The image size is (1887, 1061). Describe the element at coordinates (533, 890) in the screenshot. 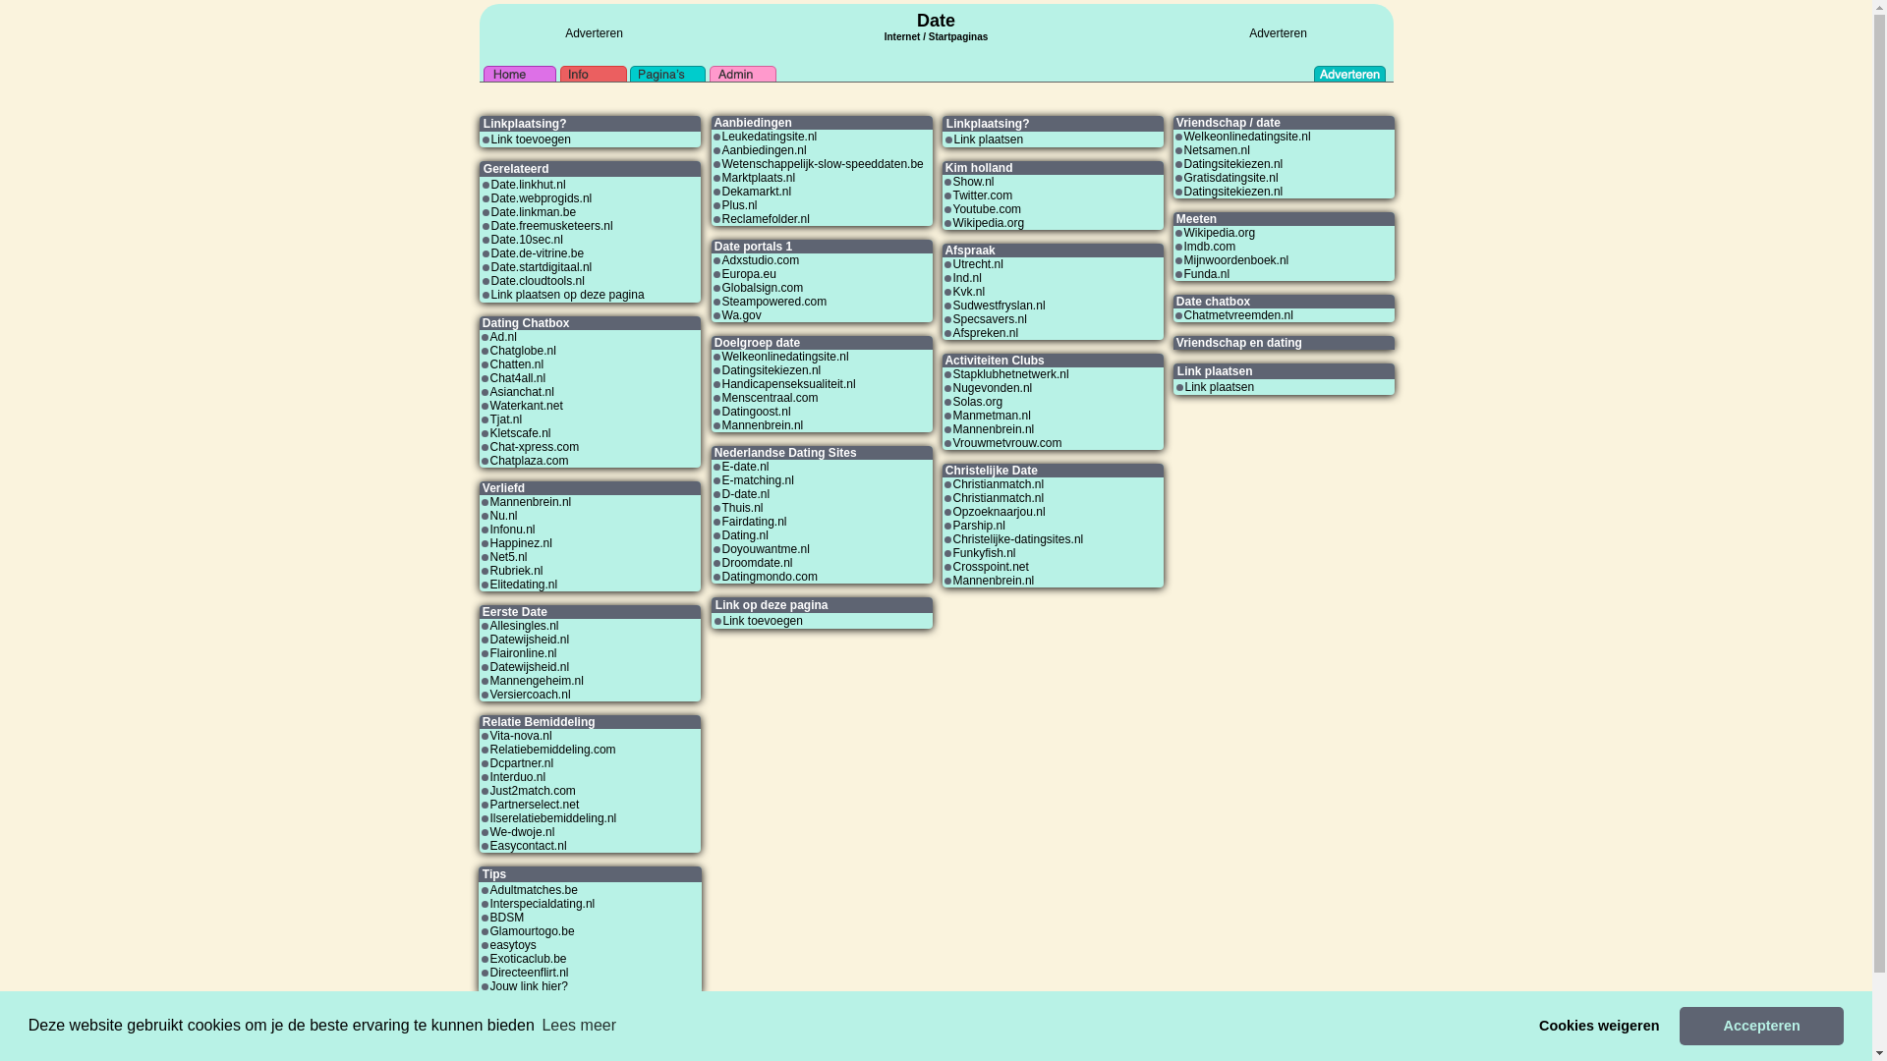

I see `'Adultmatches.be'` at that location.